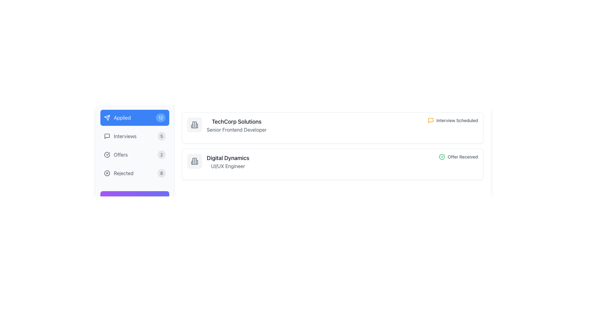  Describe the element at coordinates (107, 154) in the screenshot. I see `the circular outline SVG graphic element located in the sidebar navigation menu, adjacent to the 'Offers' text entry` at that location.